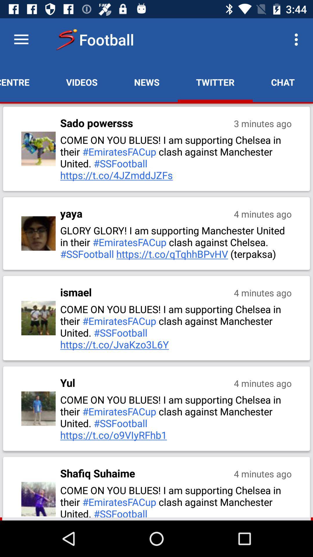 The width and height of the screenshot is (313, 557). Describe the element at coordinates (298, 39) in the screenshot. I see `the item next to the twitter` at that location.